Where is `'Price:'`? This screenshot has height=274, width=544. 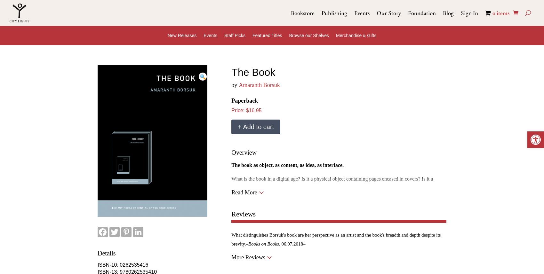
'Price:' is located at coordinates (238, 110).